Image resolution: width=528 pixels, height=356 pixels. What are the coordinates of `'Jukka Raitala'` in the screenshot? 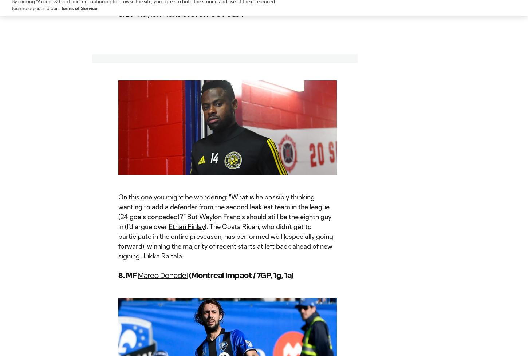 It's located at (161, 256).